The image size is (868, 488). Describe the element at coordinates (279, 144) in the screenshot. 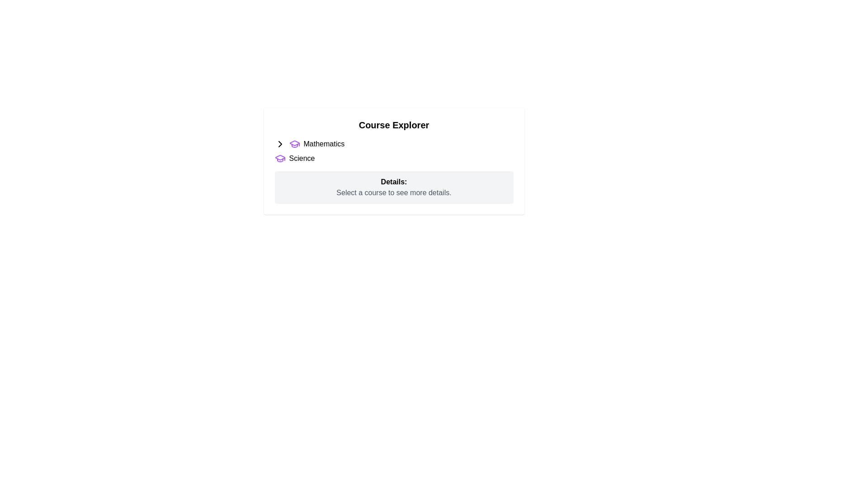

I see `the chevron icon located immediately to the left of the text 'Mathematics'` at that location.